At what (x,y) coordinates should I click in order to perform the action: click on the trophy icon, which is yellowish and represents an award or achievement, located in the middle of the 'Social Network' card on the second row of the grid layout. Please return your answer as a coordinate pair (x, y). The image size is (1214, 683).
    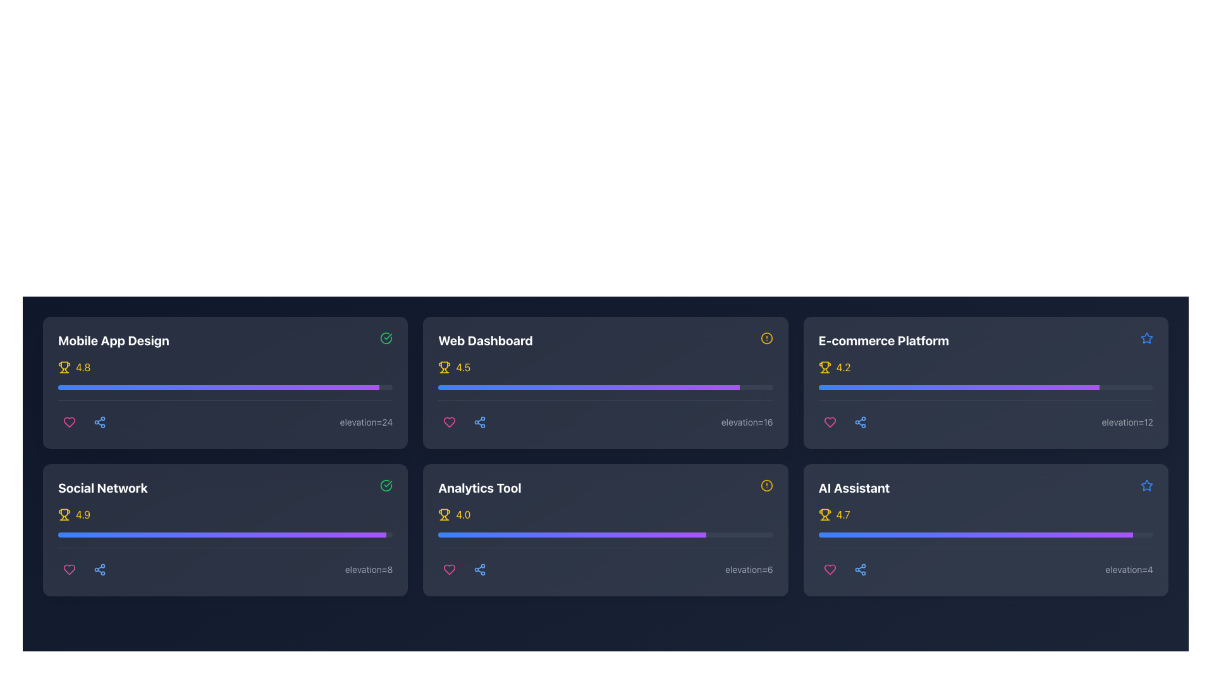
    Looking at the image, I should click on (63, 512).